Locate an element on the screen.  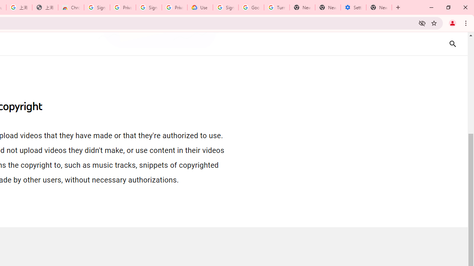
'Google Account Help' is located at coordinates (251, 7).